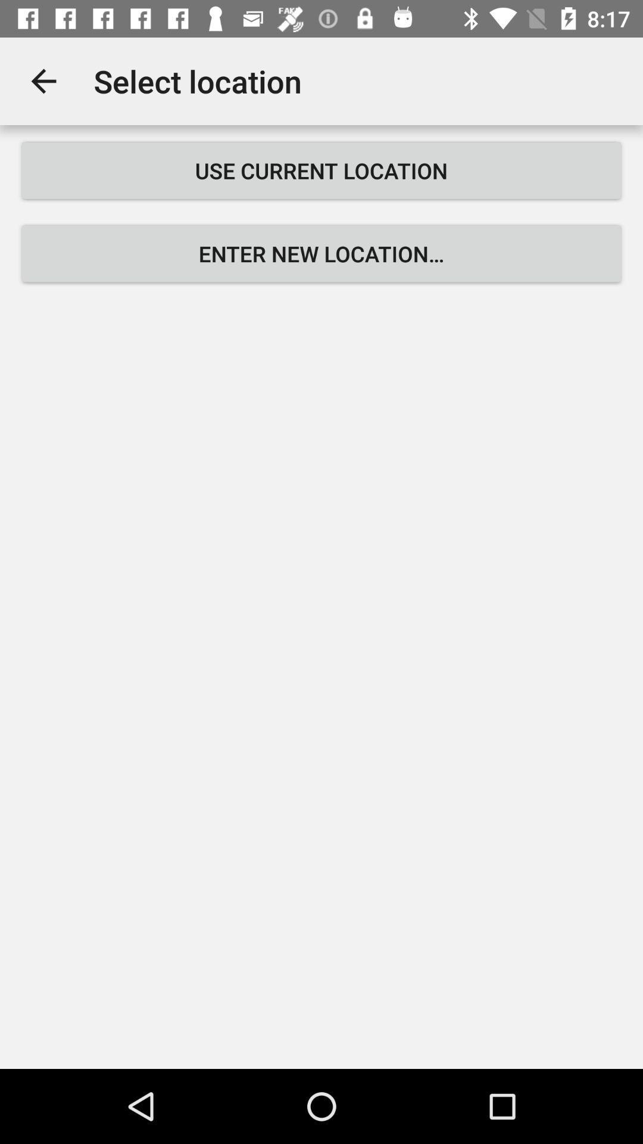  Describe the element at coordinates (321, 170) in the screenshot. I see `use current location item` at that location.